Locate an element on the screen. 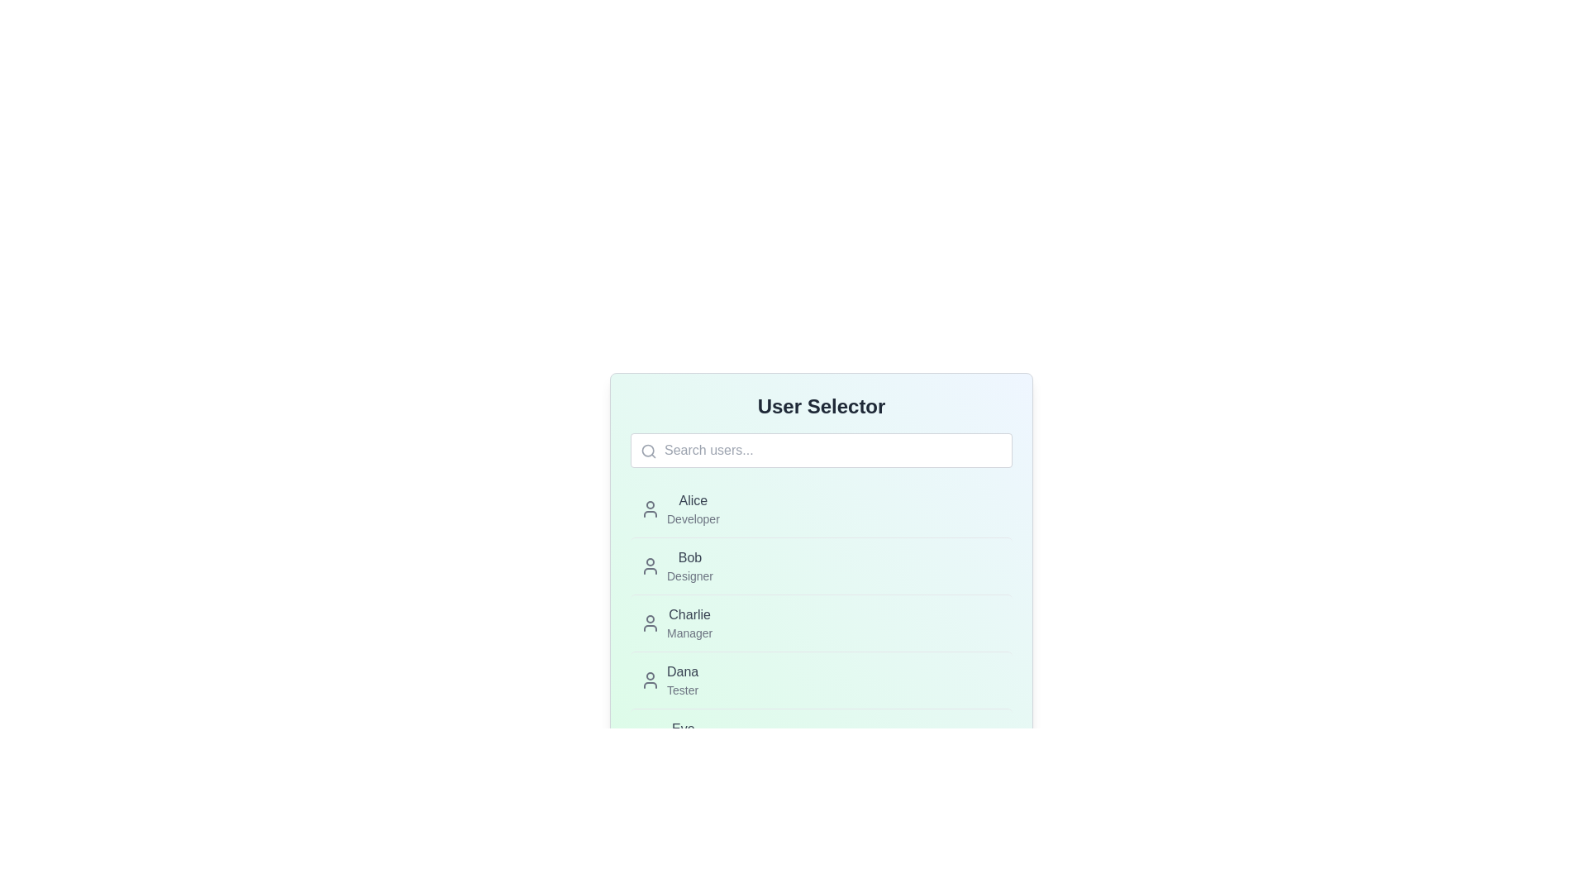 The height and width of the screenshot is (893, 1587). the user icon resembling a person, which is a gray outline positioned to the left of the text 'Alice' and 'Developer' in the user selection interface is located at coordinates (650, 509).